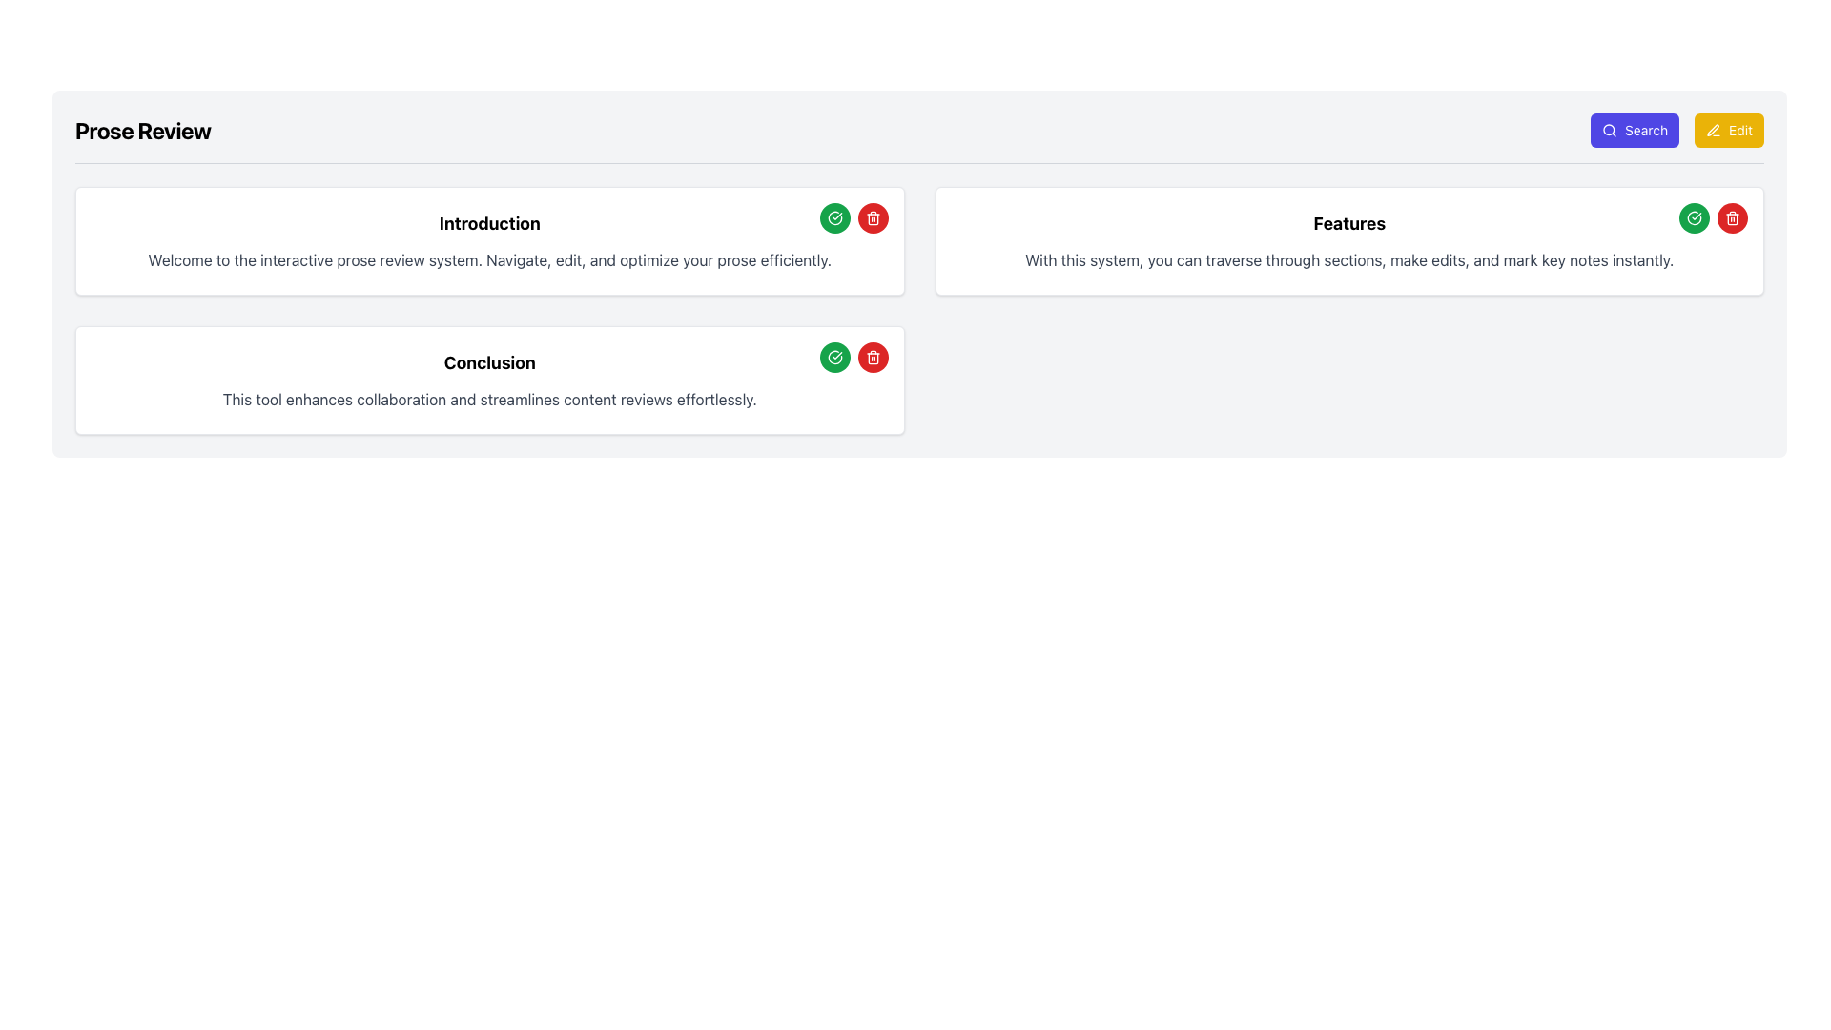 The image size is (1831, 1030). Describe the element at coordinates (1348, 223) in the screenshot. I see `text from the title or heading Text Label located at the top-center of the white card, which summarizes or introduces the topic` at that location.